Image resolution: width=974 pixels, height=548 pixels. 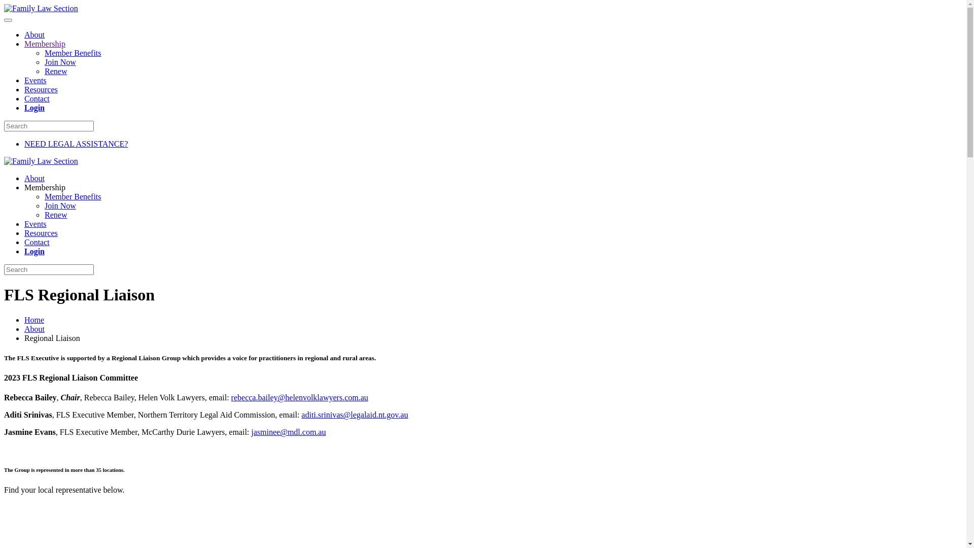 What do you see at coordinates (251, 432) in the screenshot?
I see `'jasminee@mdl.com.au'` at bounding box center [251, 432].